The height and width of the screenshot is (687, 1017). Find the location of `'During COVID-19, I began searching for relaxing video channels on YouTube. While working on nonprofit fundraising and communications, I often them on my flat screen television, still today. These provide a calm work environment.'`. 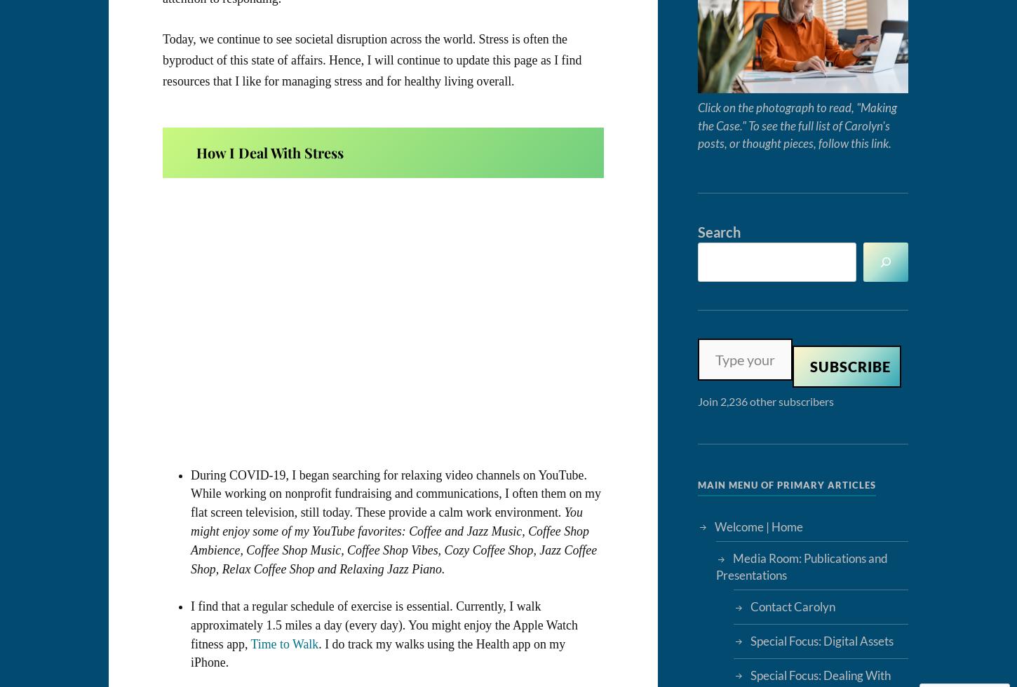

'During COVID-19, I began searching for relaxing video channels on YouTube. While working on nonprofit fundraising and communications, I often them on my flat screen television, still today. These provide a calm work environment.' is located at coordinates (191, 494).